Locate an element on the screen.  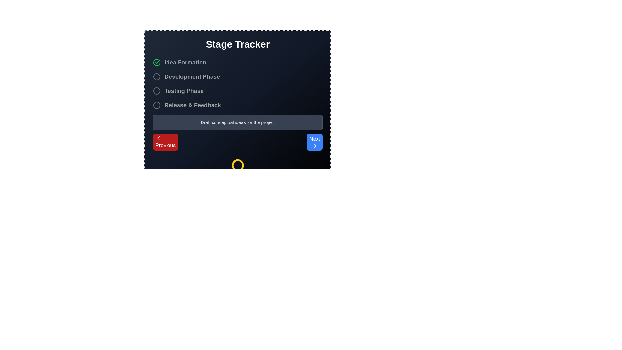
the third radio button in the 'Stage Tracker' interface is located at coordinates (157, 91).